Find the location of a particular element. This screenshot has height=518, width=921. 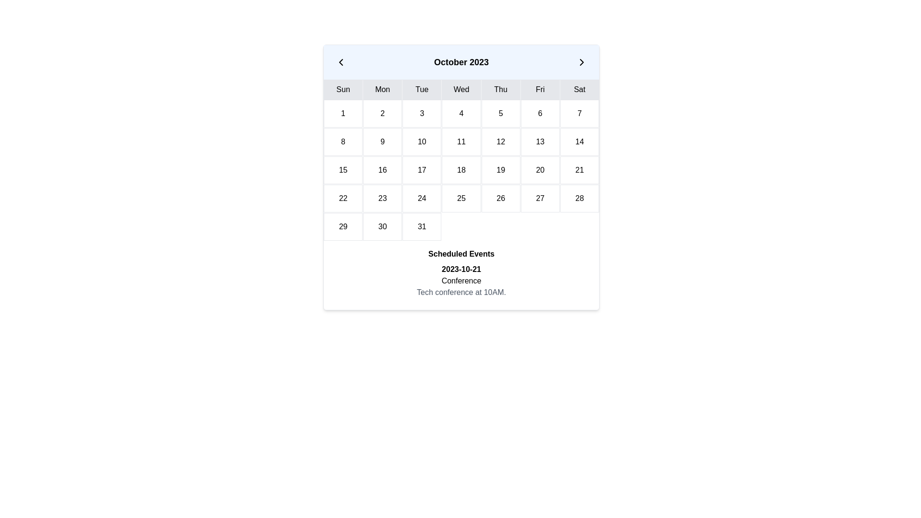

the Calendar Day Cell displaying the number '21' in black, located in the sixth row and sixth column of the calendar grid is located at coordinates (579, 169).